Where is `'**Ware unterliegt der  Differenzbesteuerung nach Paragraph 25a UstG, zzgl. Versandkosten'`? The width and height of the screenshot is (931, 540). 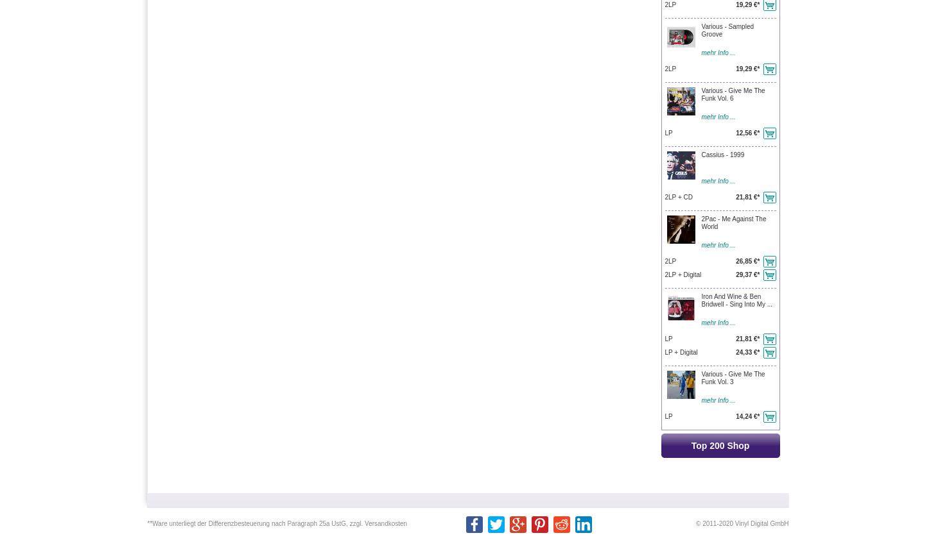
'**Ware unterliegt der  Differenzbesteuerung nach Paragraph 25a UstG, zzgl. Versandkosten' is located at coordinates (146, 523).